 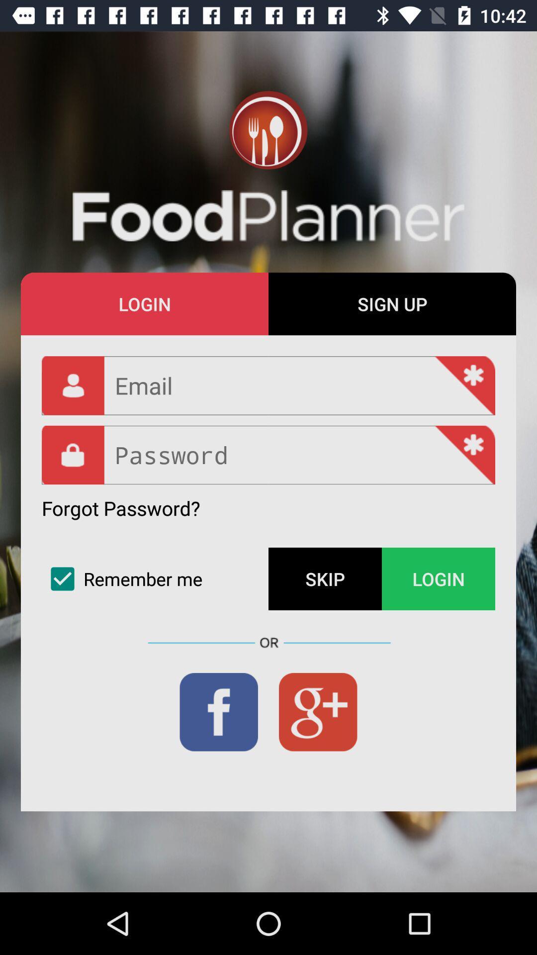 I want to click on the remember me item, so click(x=155, y=579).